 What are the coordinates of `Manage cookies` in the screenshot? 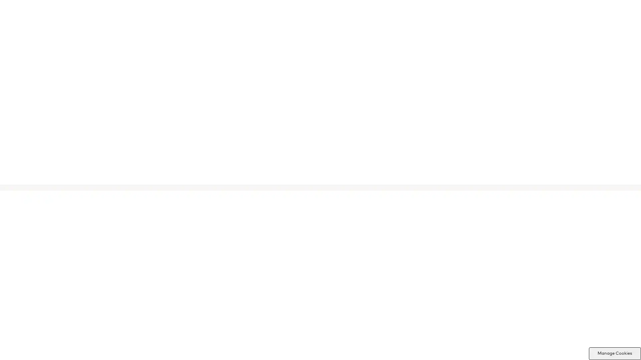 It's located at (291, 228).